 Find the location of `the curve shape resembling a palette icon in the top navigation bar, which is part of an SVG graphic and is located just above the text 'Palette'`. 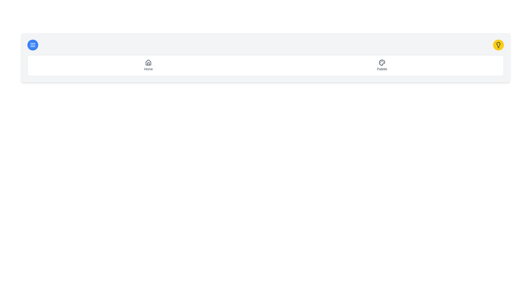

the curve shape resembling a palette icon in the top navigation bar, which is part of an SVG graphic and is located just above the text 'Palette' is located at coordinates (382, 62).